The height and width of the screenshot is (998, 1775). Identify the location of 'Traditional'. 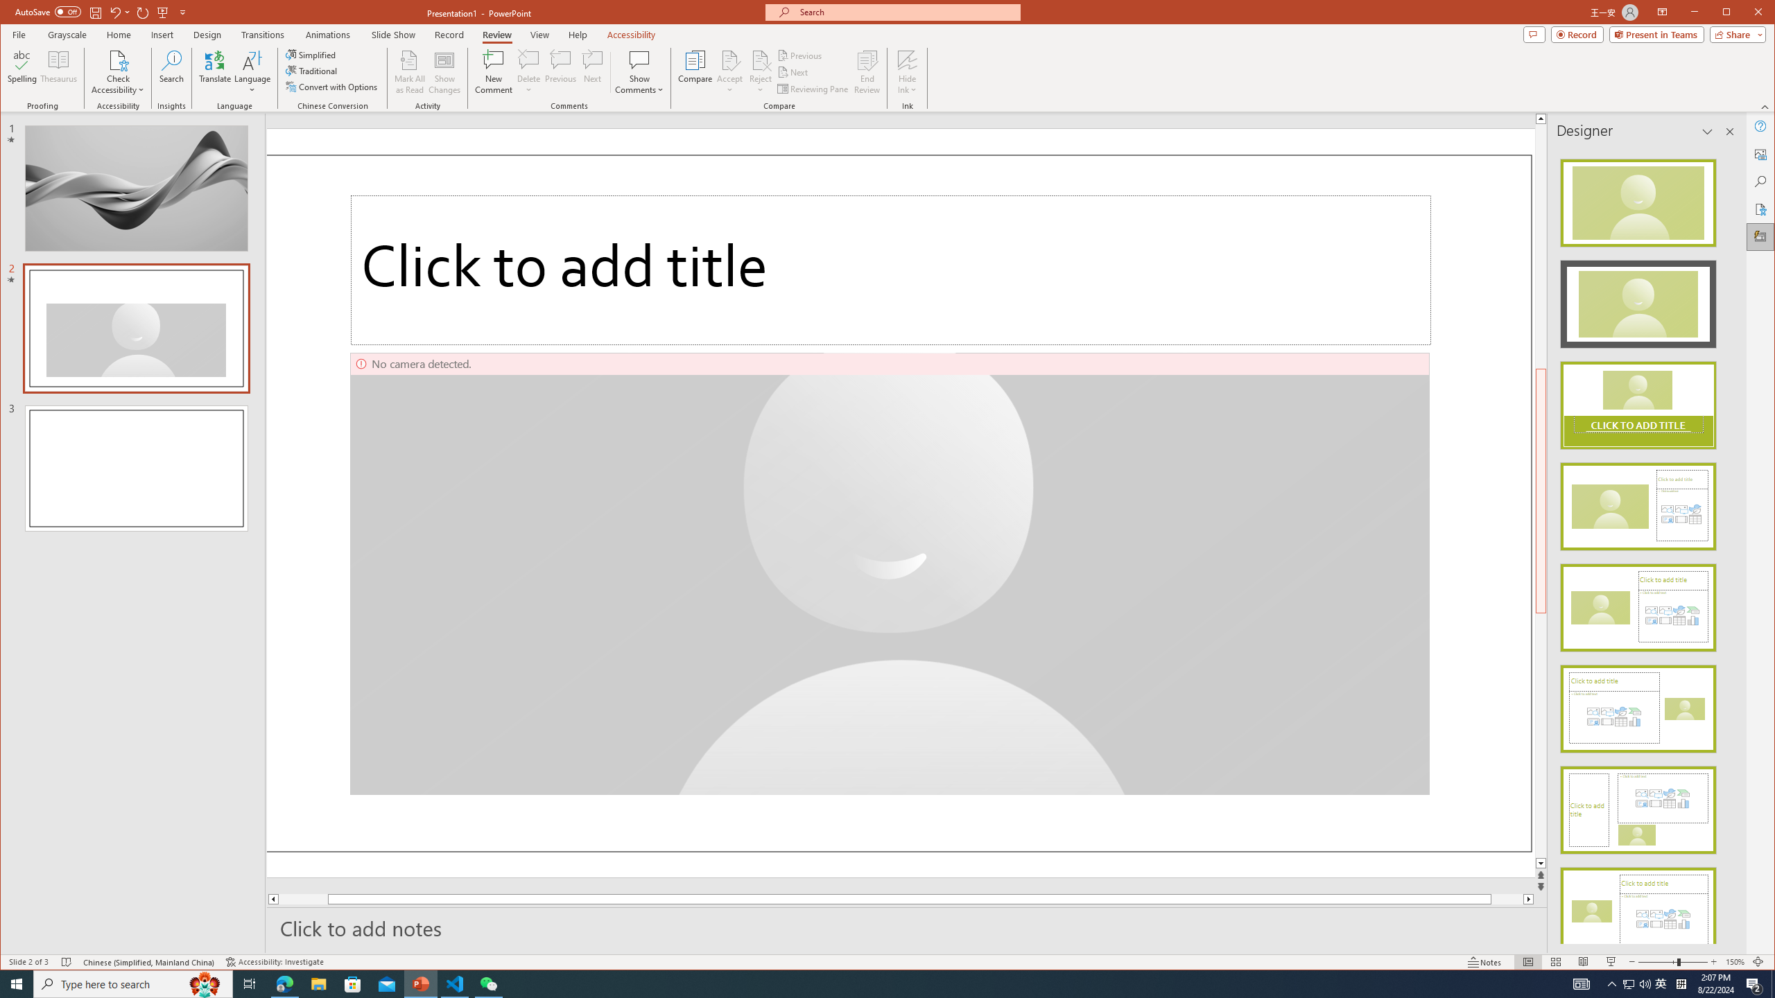
(313, 71).